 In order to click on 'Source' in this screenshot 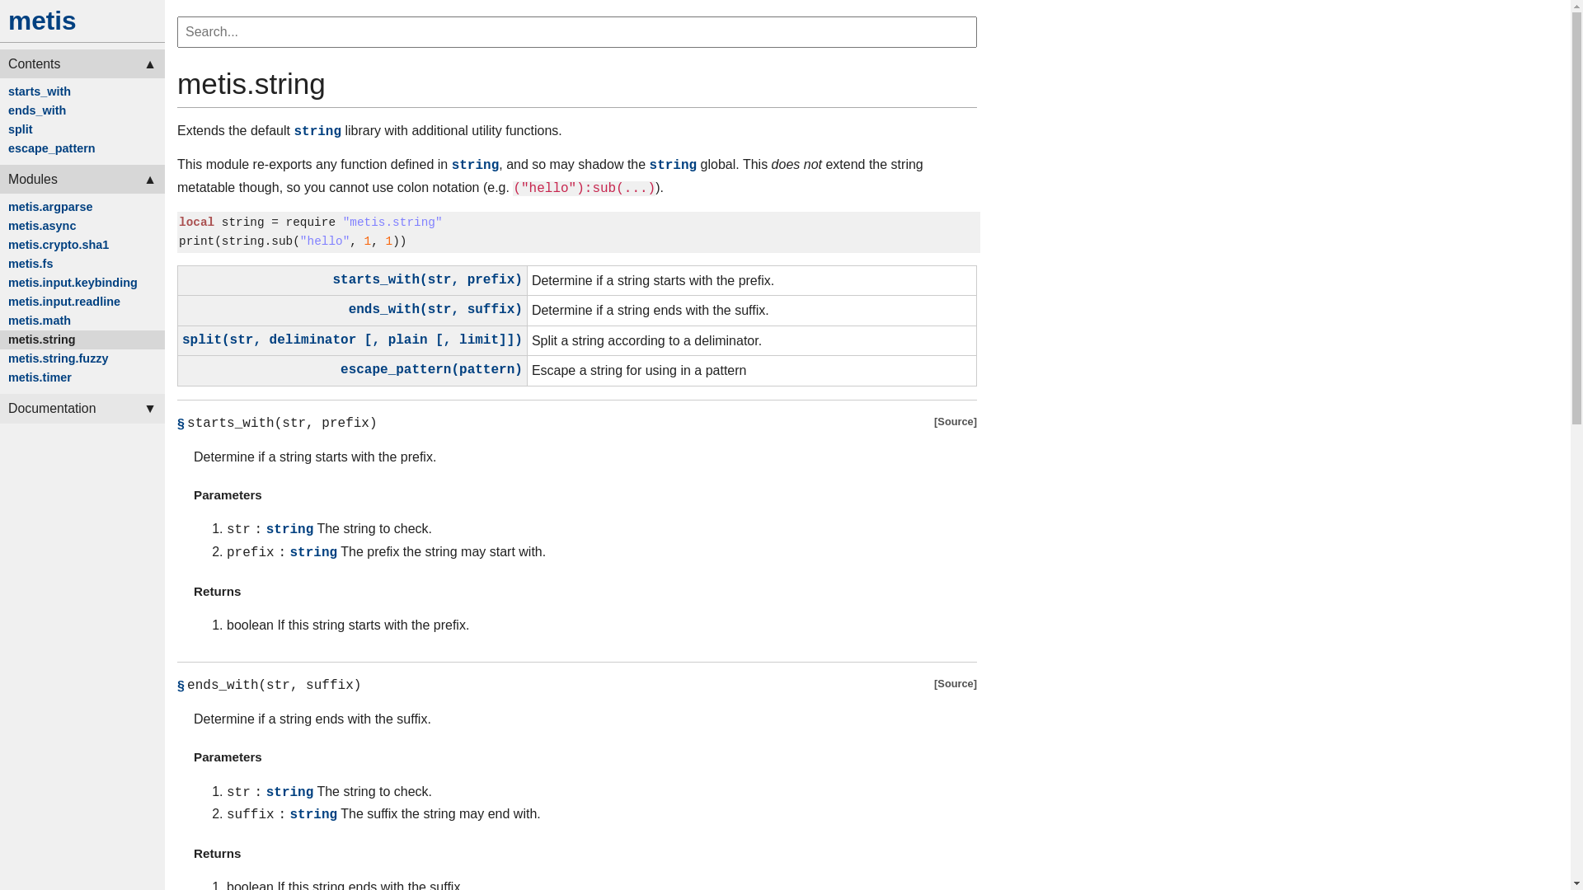, I will do `click(933, 686)`.